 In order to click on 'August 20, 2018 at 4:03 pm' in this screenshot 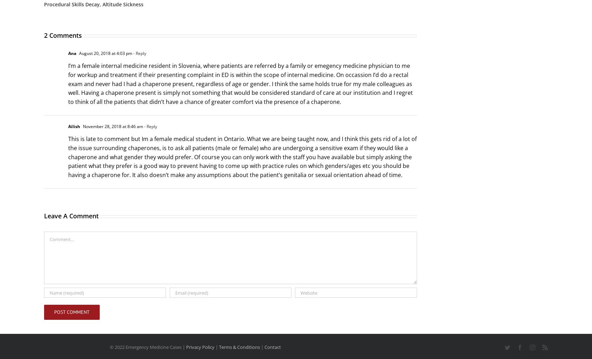, I will do `click(105, 54)`.